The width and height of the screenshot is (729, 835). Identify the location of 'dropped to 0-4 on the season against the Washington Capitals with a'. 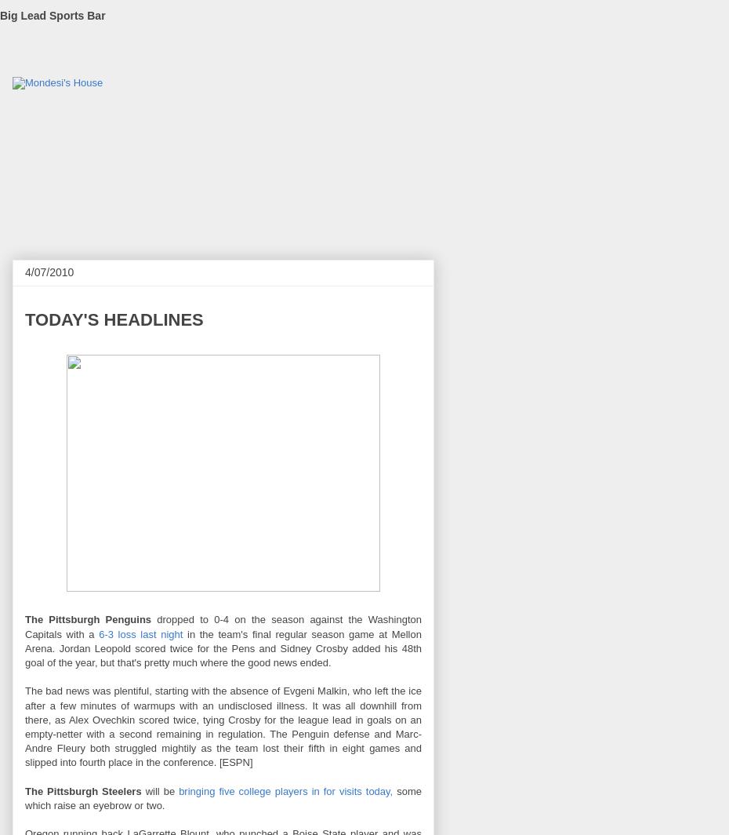
(223, 626).